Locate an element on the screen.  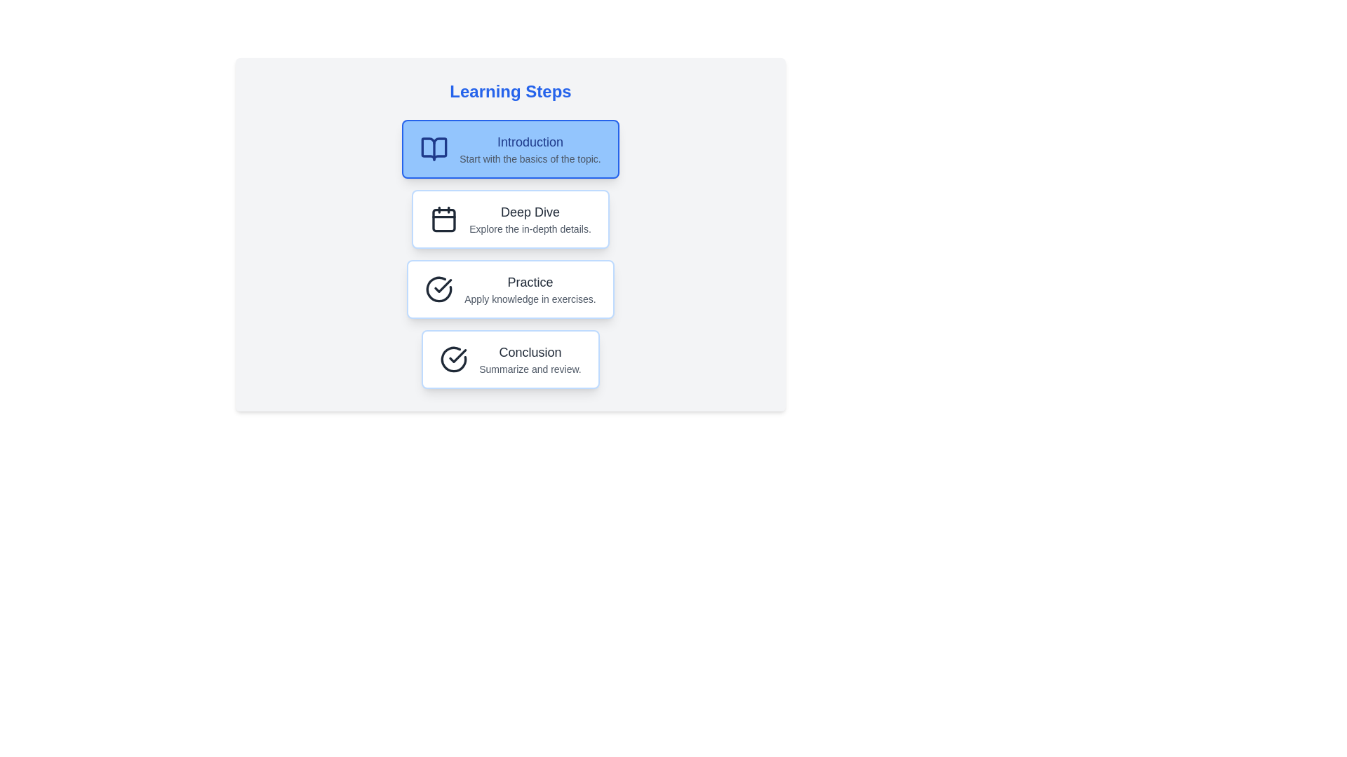
text content of the 'Conclusion' section header element, which includes the bold title 'Conclusion' and the grey subtitle 'Summarize and review.' is located at coordinates (510, 359).